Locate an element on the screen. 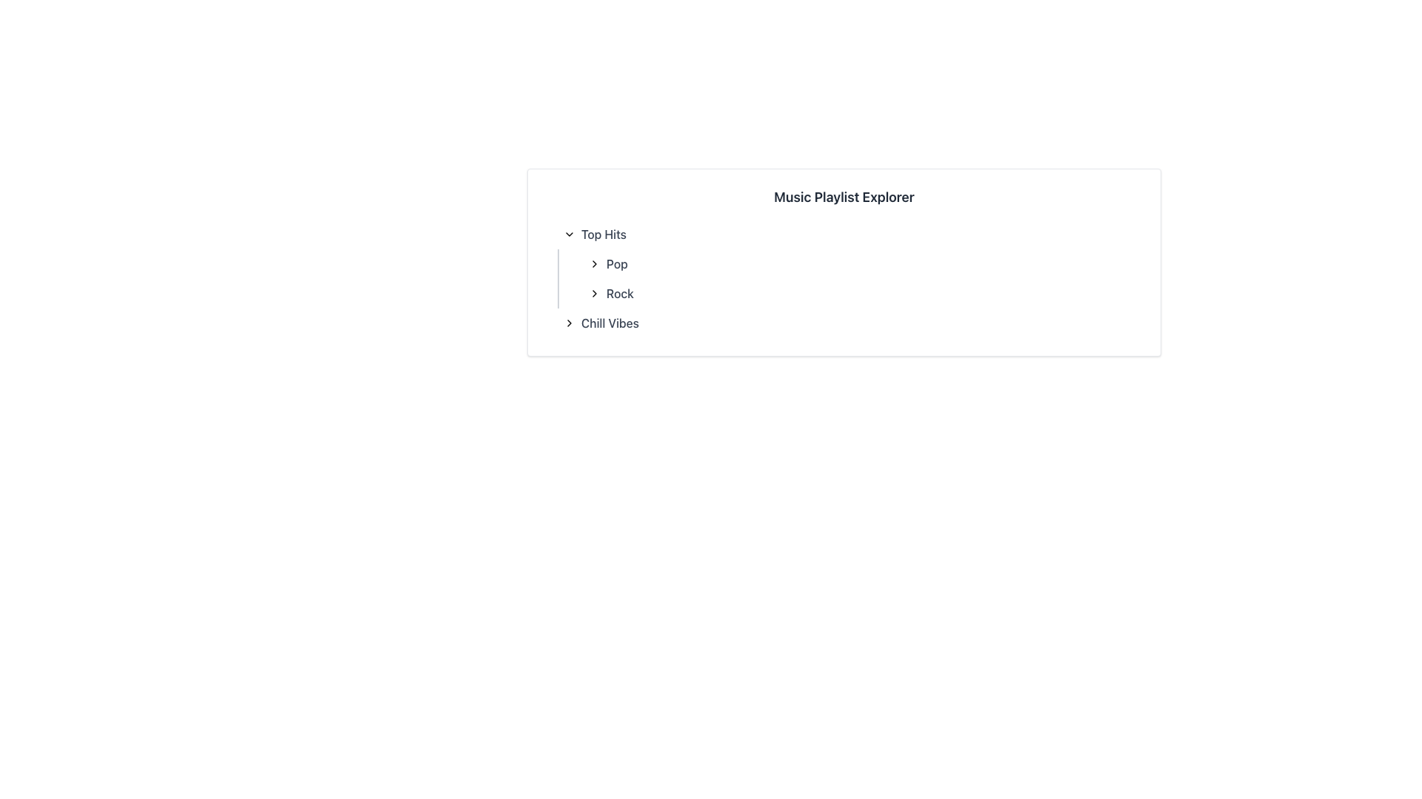 Image resolution: width=1422 pixels, height=799 pixels. the header element that contains the nested 'Pop' and 'Rock' navigation options under the 'Top Hits' playlist for keyboard navigation is located at coordinates (844, 263).